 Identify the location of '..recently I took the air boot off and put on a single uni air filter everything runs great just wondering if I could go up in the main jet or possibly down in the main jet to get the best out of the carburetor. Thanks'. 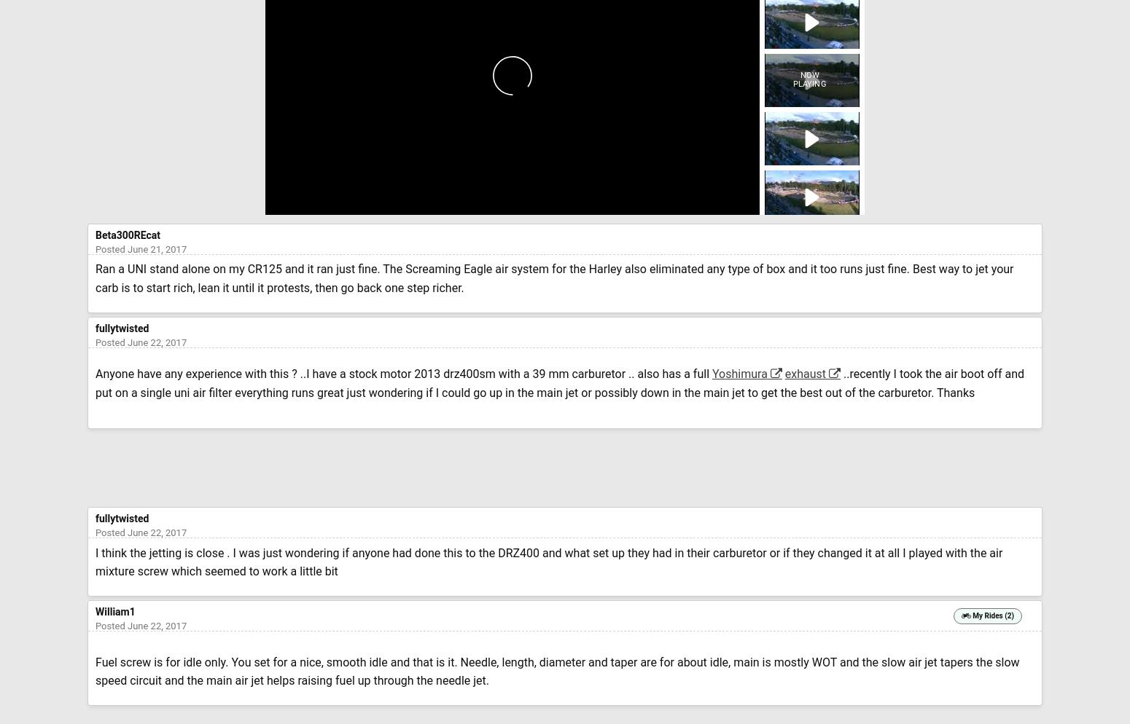
(95, 383).